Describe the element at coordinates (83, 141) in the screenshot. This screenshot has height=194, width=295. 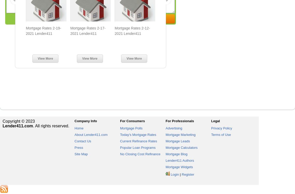
I see `'Contact Us'` at that location.